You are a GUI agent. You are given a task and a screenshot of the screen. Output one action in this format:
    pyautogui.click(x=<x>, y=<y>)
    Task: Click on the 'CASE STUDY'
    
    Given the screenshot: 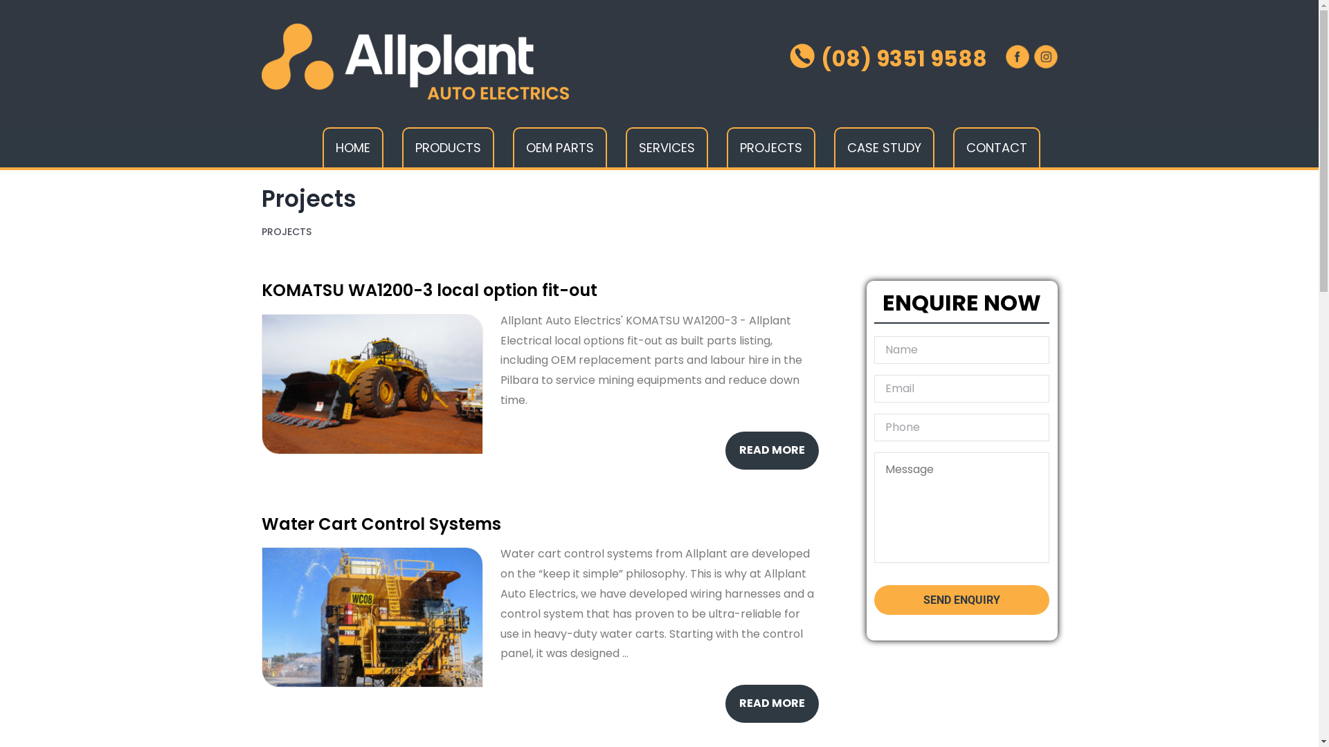 What is the action you would take?
    pyautogui.click(x=883, y=147)
    